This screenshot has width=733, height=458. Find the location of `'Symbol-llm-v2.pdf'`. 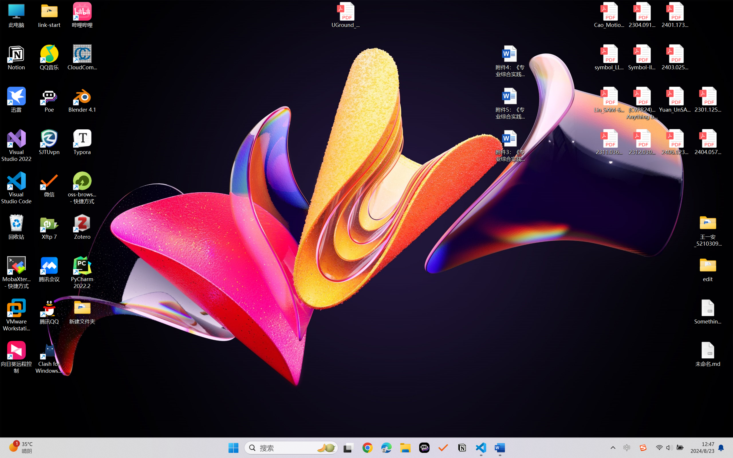

'Symbol-llm-v2.pdf' is located at coordinates (642, 58).